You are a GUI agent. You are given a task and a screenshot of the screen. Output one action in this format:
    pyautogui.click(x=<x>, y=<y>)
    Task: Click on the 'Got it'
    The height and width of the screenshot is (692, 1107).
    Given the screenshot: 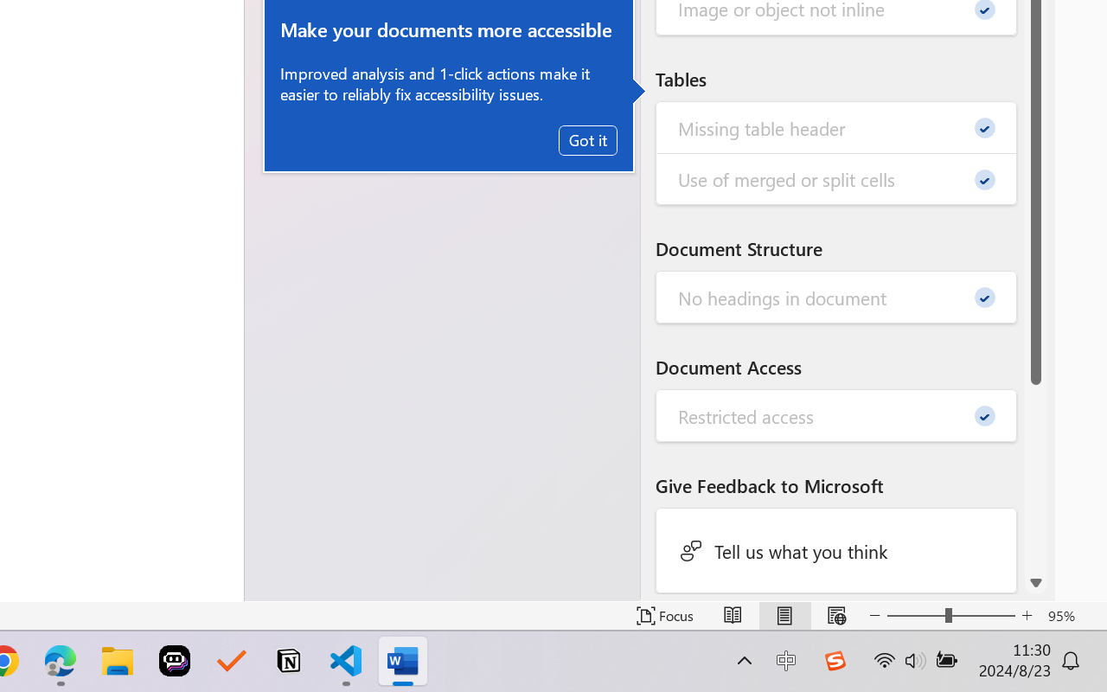 What is the action you would take?
    pyautogui.click(x=588, y=140)
    